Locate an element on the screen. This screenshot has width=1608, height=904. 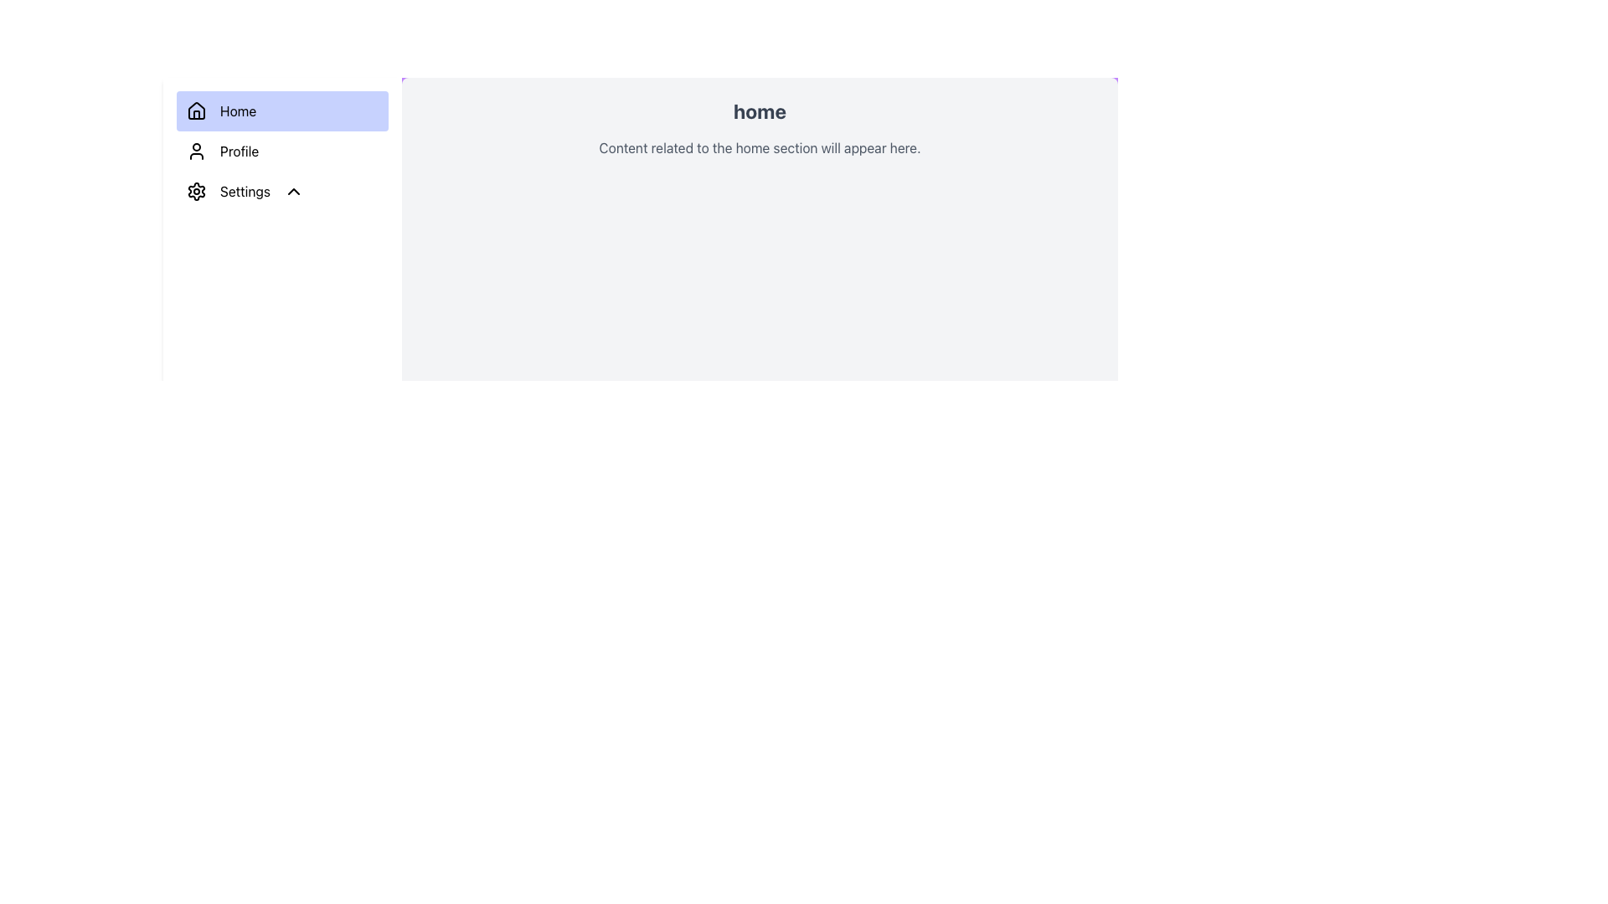
the static text element that provides a description related to the 'home' section, located beneath the 'home' heading in the primary display area is located at coordinates (759, 147).